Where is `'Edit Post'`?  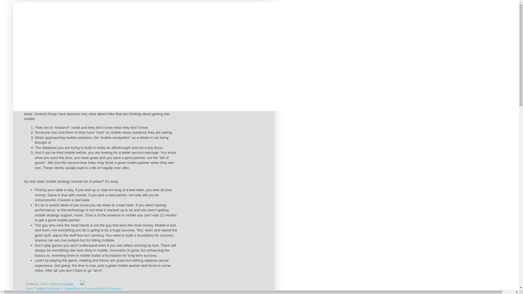
'Edit Post' is located at coordinates (82, 283).